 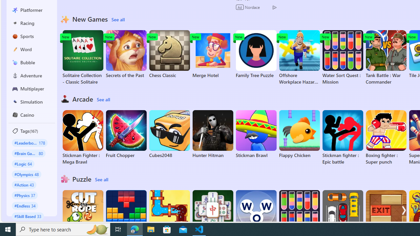 What do you see at coordinates (24, 185) in the screenshot?
I see `'#Action 43'` at bounding box center [24, 185].